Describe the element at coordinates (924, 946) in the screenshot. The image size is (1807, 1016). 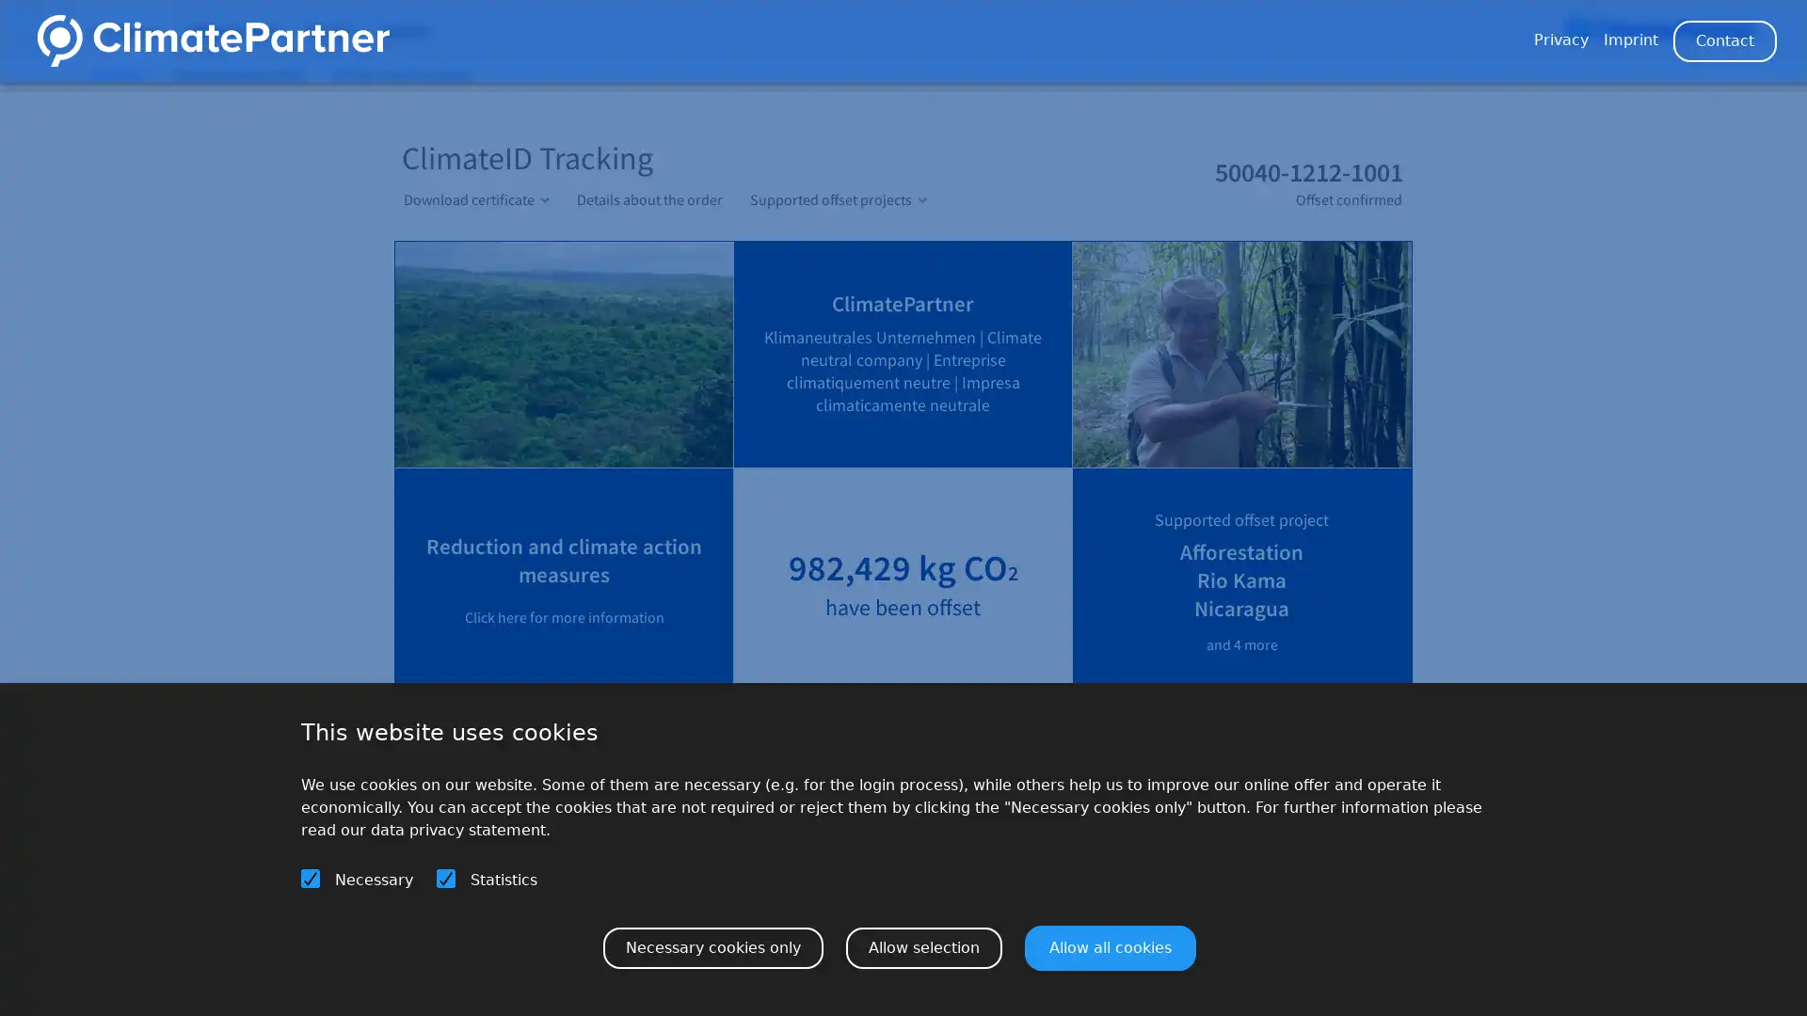
I see `Allow selection` at that location.